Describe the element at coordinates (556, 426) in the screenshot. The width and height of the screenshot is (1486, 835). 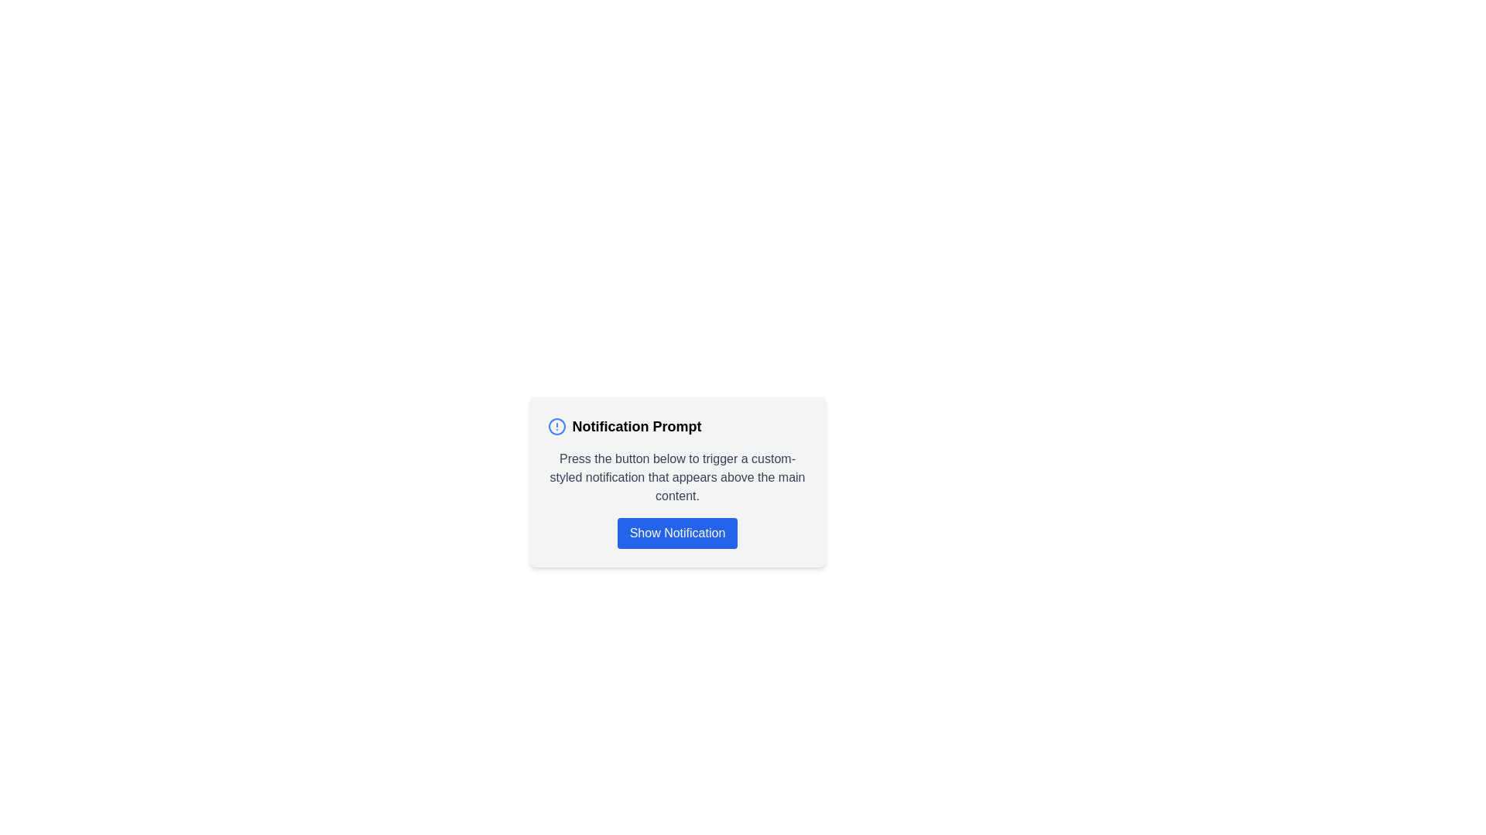
I see `the blue-bordered alert symbol, which is a circular decorative element with a white background, located at the top-left of the notification card` at that location.